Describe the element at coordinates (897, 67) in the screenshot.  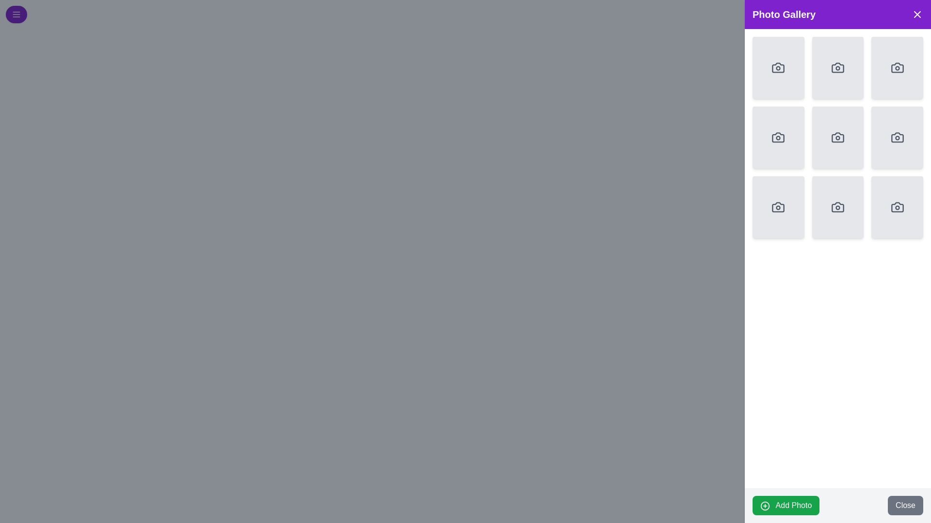
I see `the camera-shaped icon filled with a gray tone located in the top-right box of the photo gallery grid layout` at that location.